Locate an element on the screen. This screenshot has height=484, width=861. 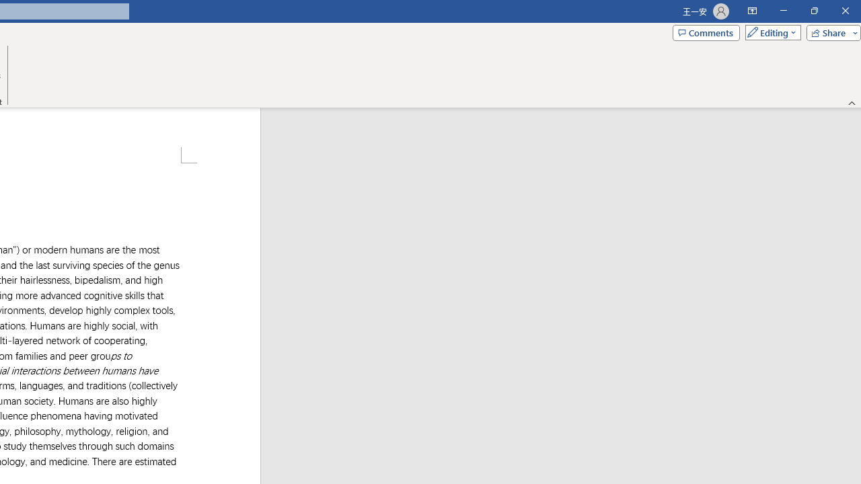
'Minimize' is located at coordinates (783, 11).